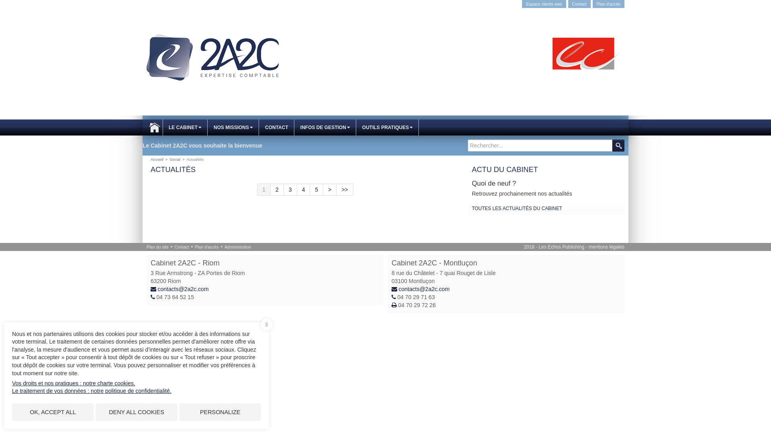  I want to click on 'INFOS DE GESTION', so click(325, 127).